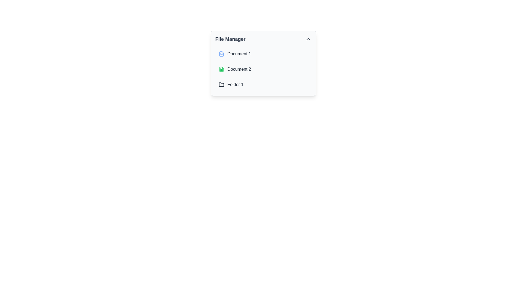 The height and width of the screenshot is (296, 527). What do you see at coordinates (221, 69) in the screenshot?
I see `the green file icon located to the immediate left of the 'Document 2' text label in the File Manager interface to indicate its active status` at bounding box center [221, 69].